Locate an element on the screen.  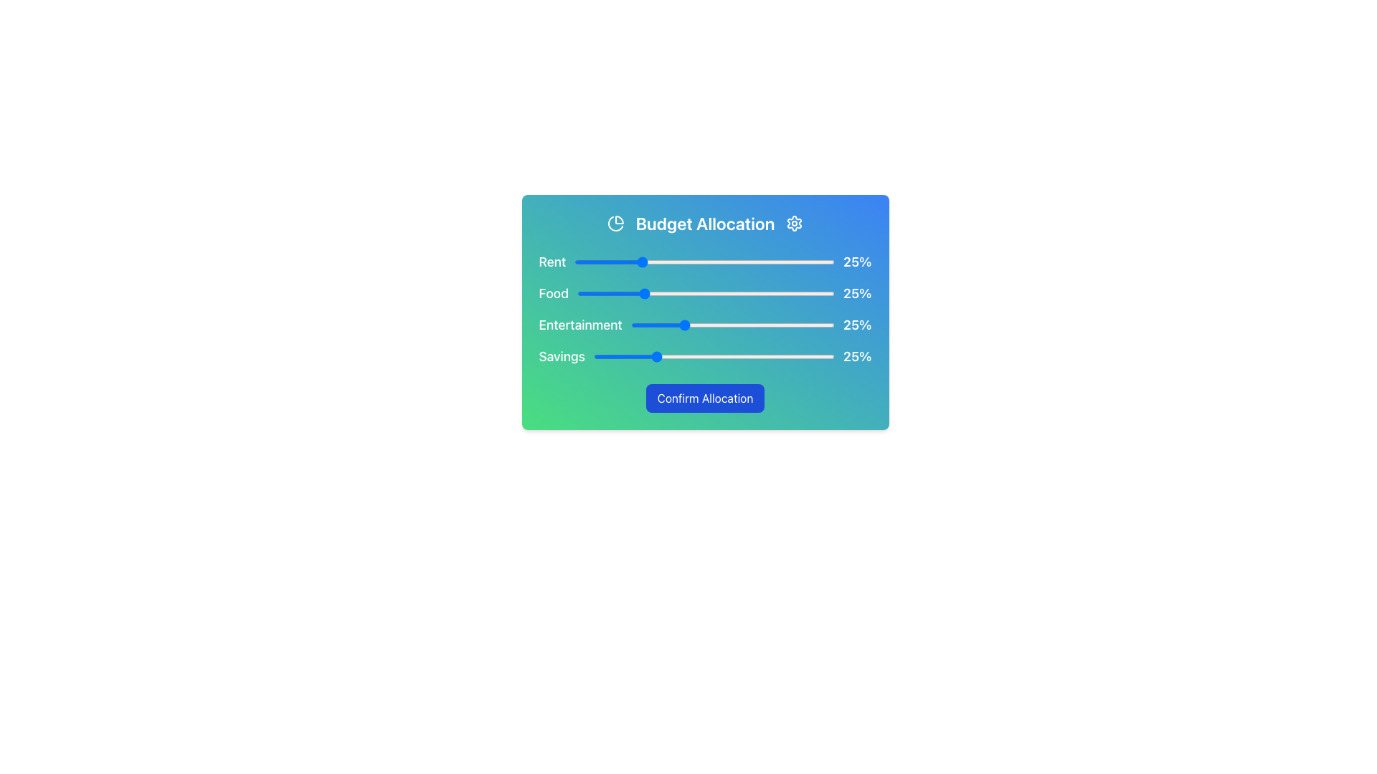
the slider is located at coordinates (703, 292).